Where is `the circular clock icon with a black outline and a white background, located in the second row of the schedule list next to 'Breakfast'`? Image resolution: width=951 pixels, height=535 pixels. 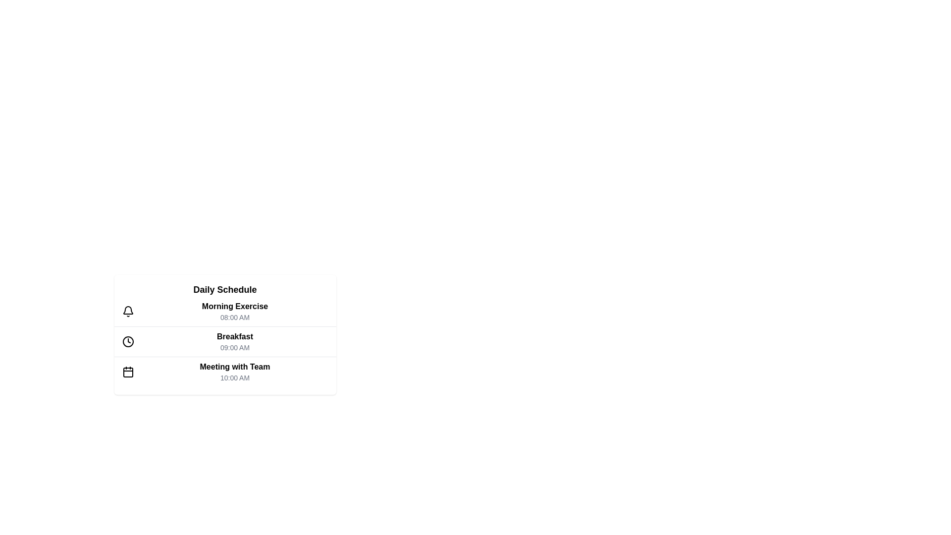 the circular clock icon with a black outline and a white background, located in the second row of the schedule list next to 'Breakfast' is located at coordinates (127, 341).